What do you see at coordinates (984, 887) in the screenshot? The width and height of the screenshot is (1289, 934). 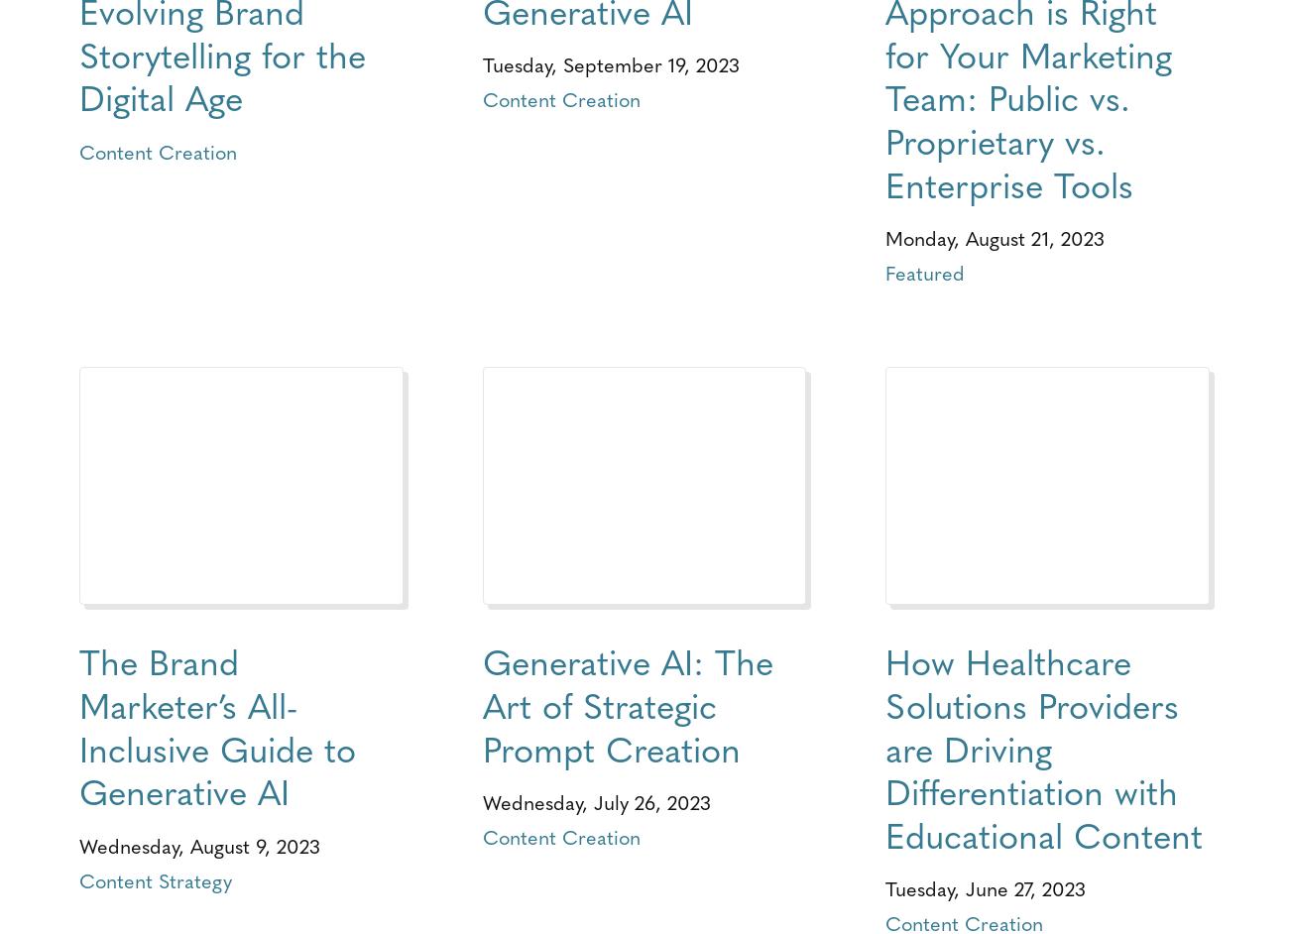 I see `'Tuesday, June 27, 2023'` at bounding box center [984, 887].